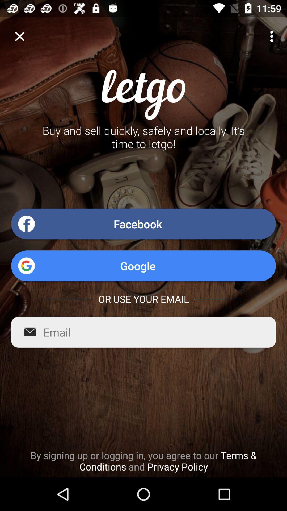  Describe the element at coordinates (143, 461) in the screenshot. I see `the by signing up icon` at that location.